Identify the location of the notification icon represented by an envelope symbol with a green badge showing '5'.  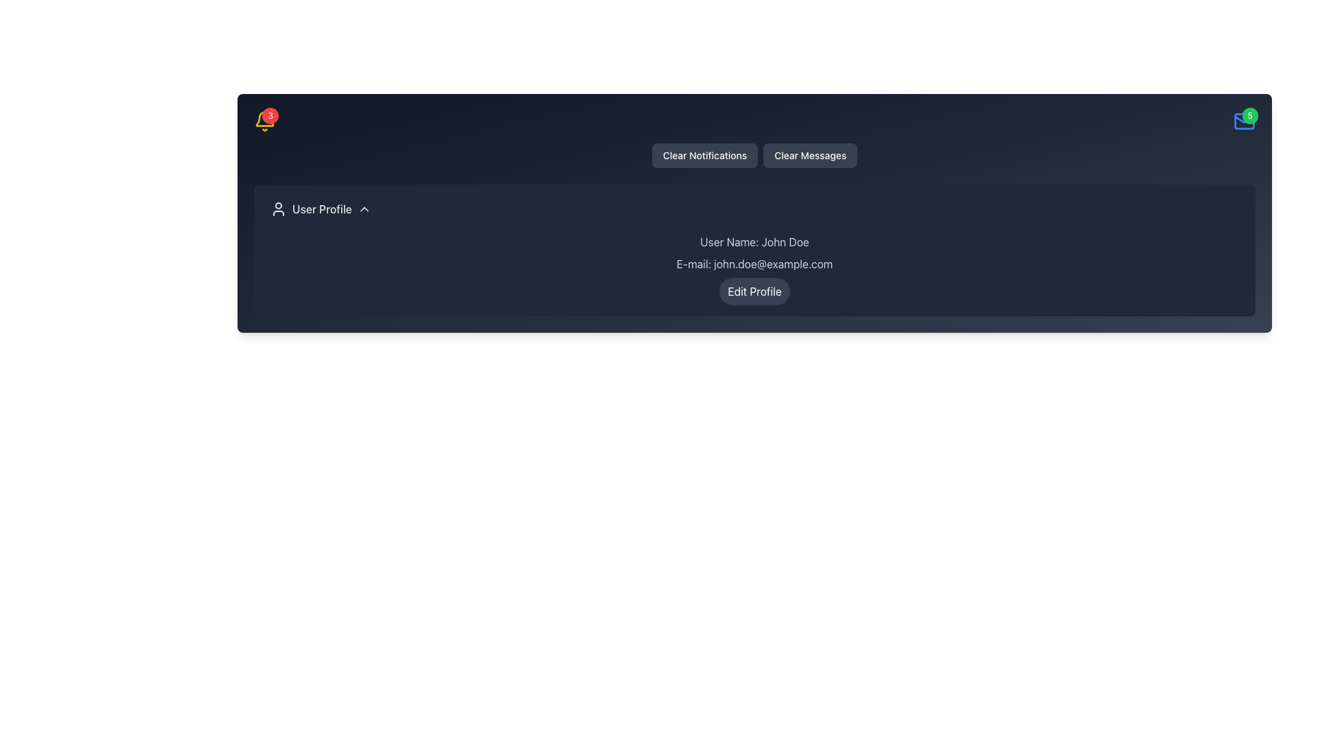
(1245, 121).